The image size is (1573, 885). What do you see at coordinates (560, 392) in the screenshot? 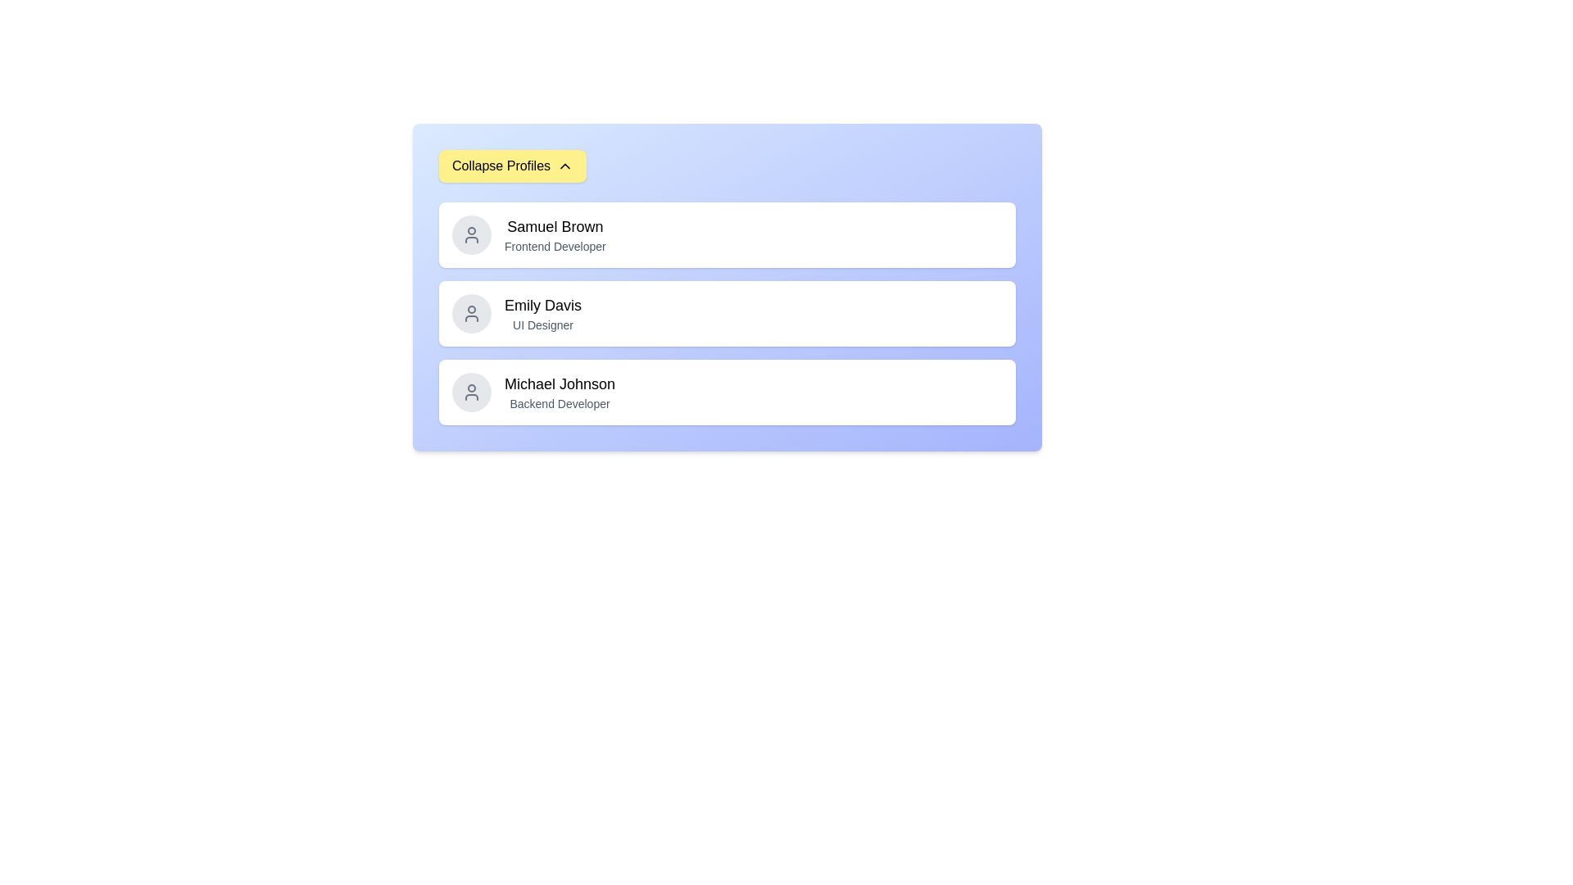
I see `the text component displaying 'Michael Johnson' and 'Backend Developer', which is located in the third profile card, positioned to the right of a circular avatar icon` at bounding box center [560, 392].